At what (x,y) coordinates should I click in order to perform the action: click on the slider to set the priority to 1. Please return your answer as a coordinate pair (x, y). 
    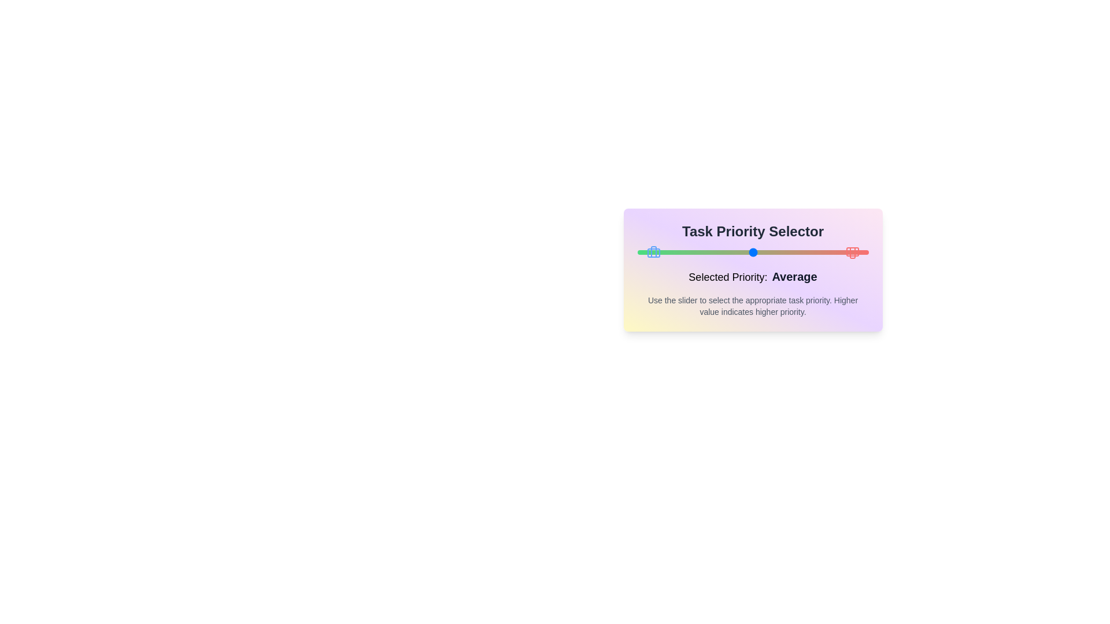
    Looking at the image, I should click on (637, 251).